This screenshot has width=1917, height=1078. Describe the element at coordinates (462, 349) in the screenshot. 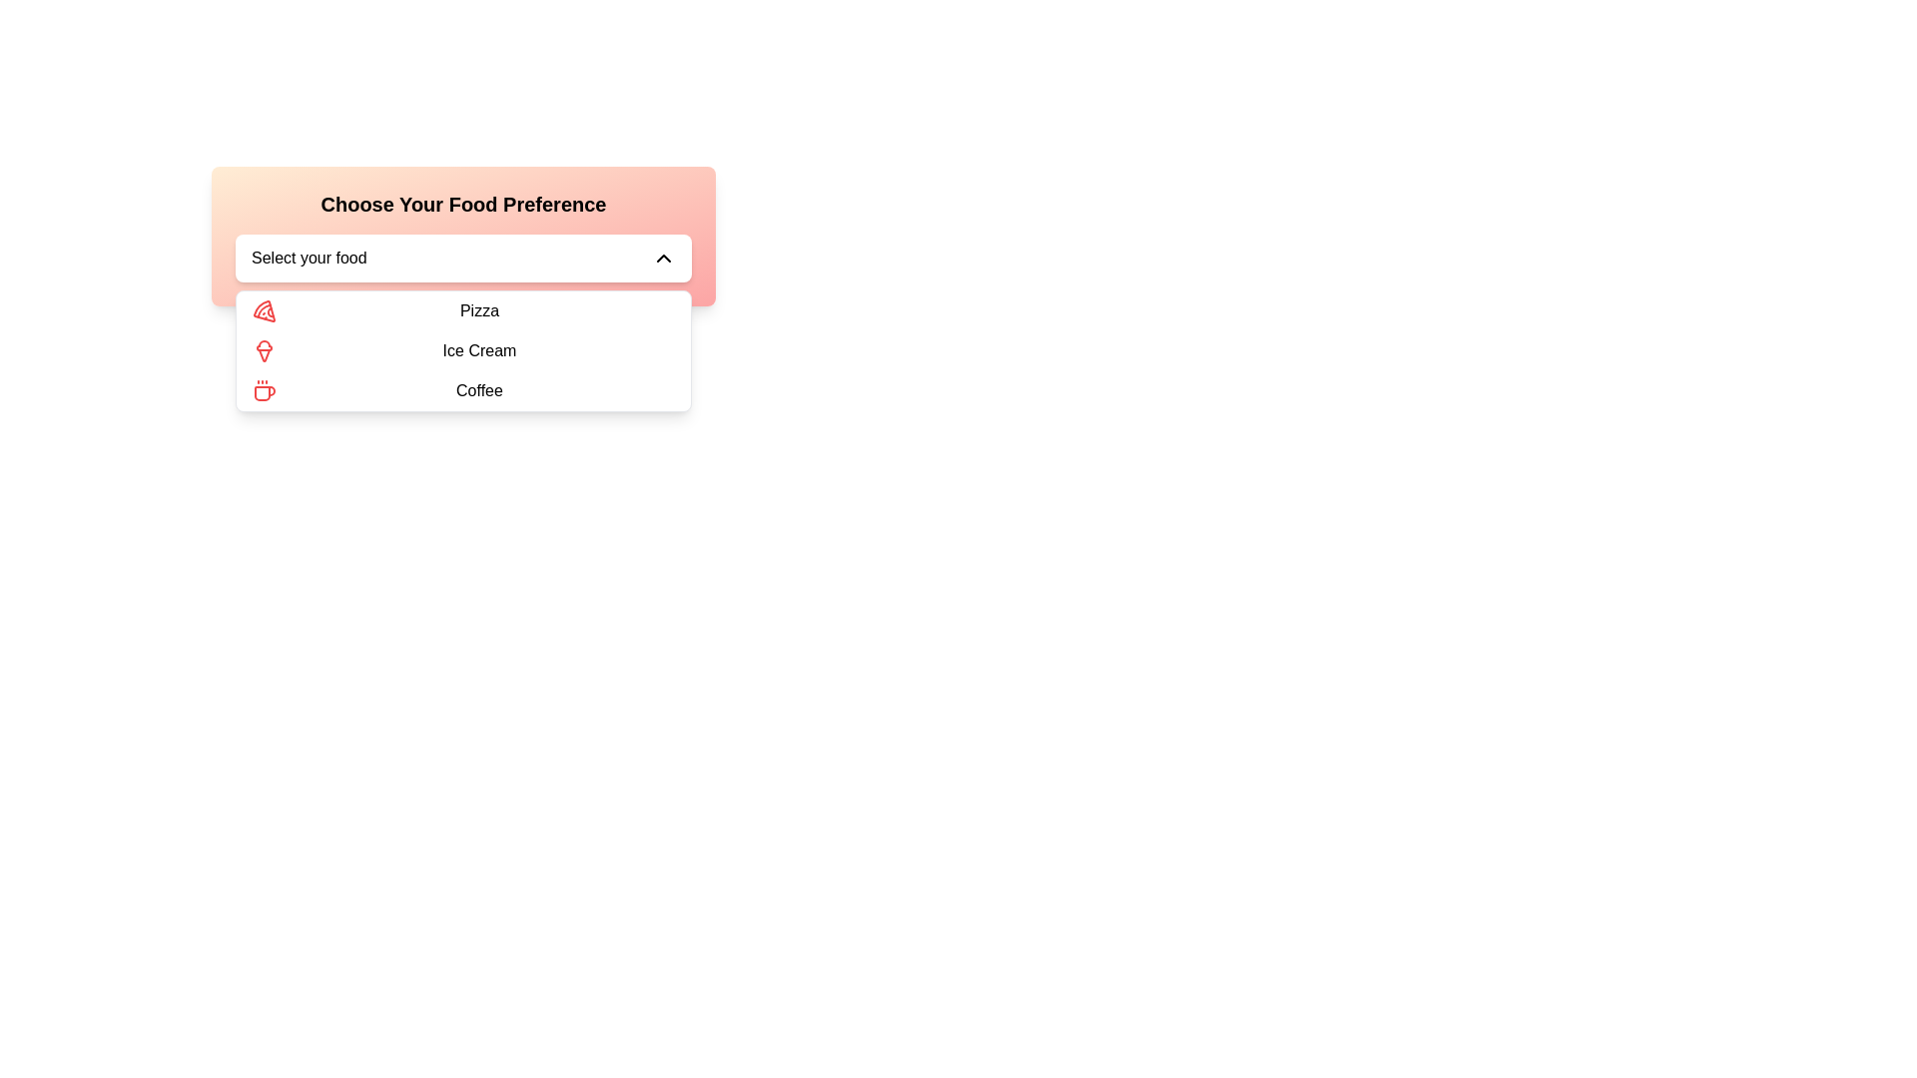

I see `the second menu item in the dropdown list, which features a red ice cream cone icon and the text 'Ice Cream'` at that location.